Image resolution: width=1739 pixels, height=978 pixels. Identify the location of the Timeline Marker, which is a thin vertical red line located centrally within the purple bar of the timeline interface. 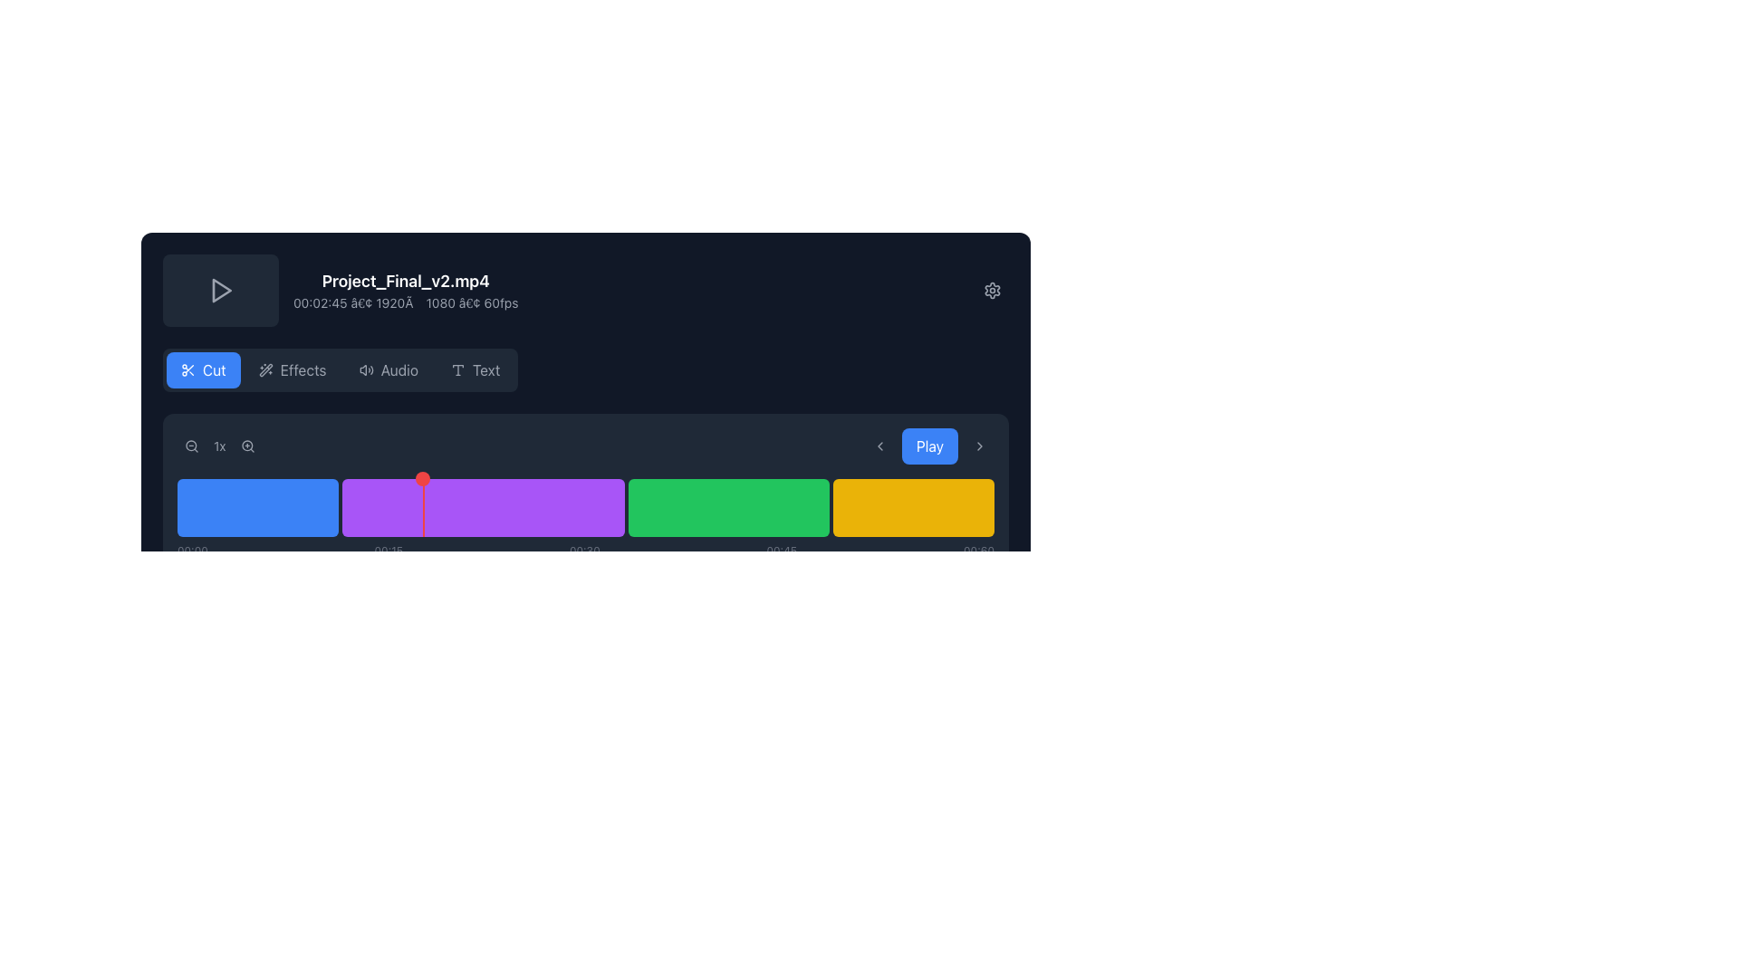
(422, 507).